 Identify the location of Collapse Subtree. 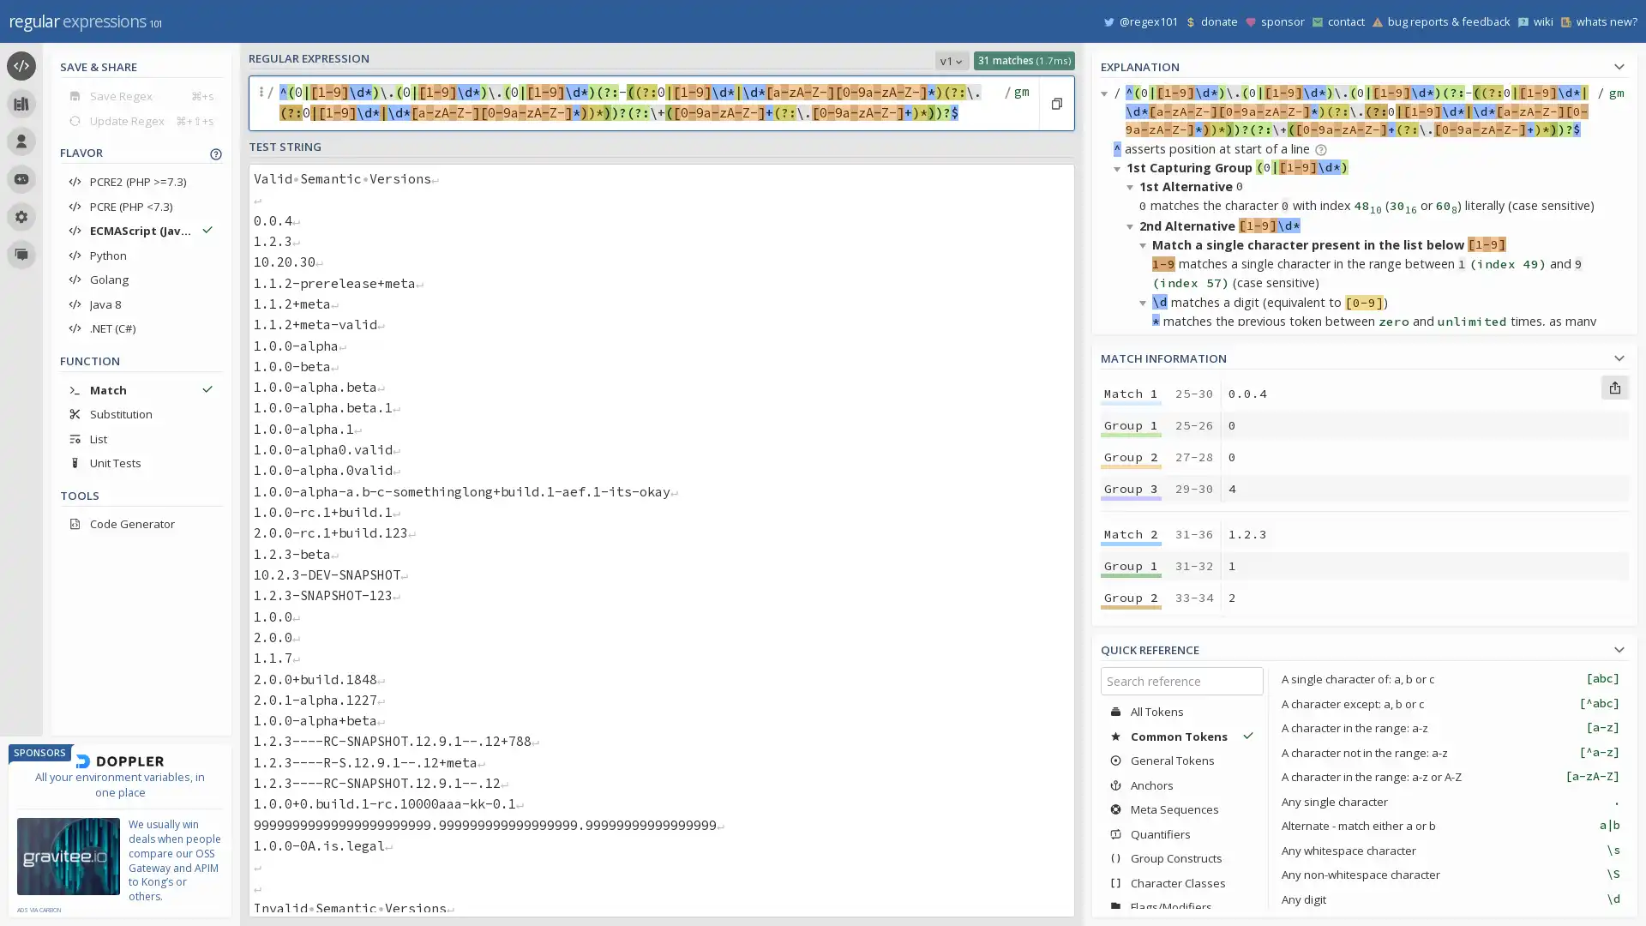
(1132, 652).